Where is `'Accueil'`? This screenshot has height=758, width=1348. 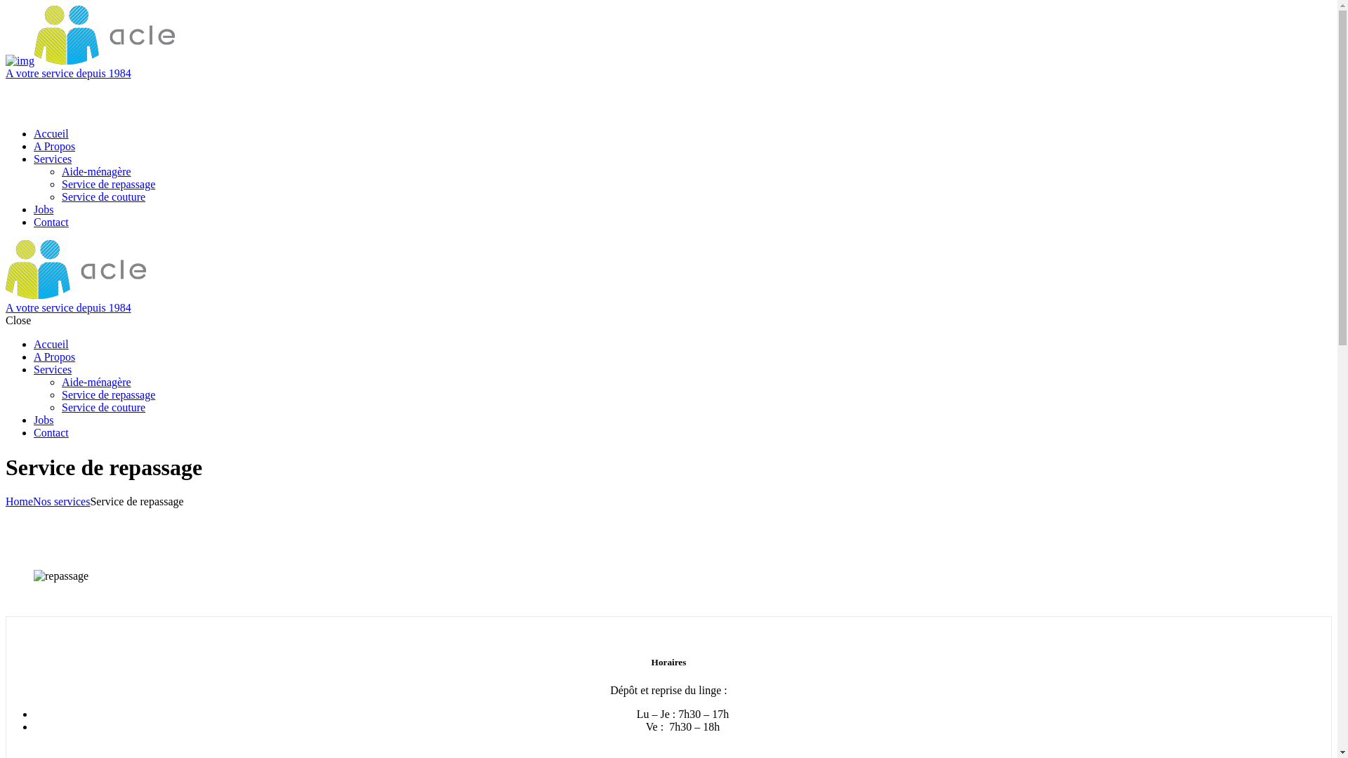 'Accueil' is located at coordinates (51, 344).